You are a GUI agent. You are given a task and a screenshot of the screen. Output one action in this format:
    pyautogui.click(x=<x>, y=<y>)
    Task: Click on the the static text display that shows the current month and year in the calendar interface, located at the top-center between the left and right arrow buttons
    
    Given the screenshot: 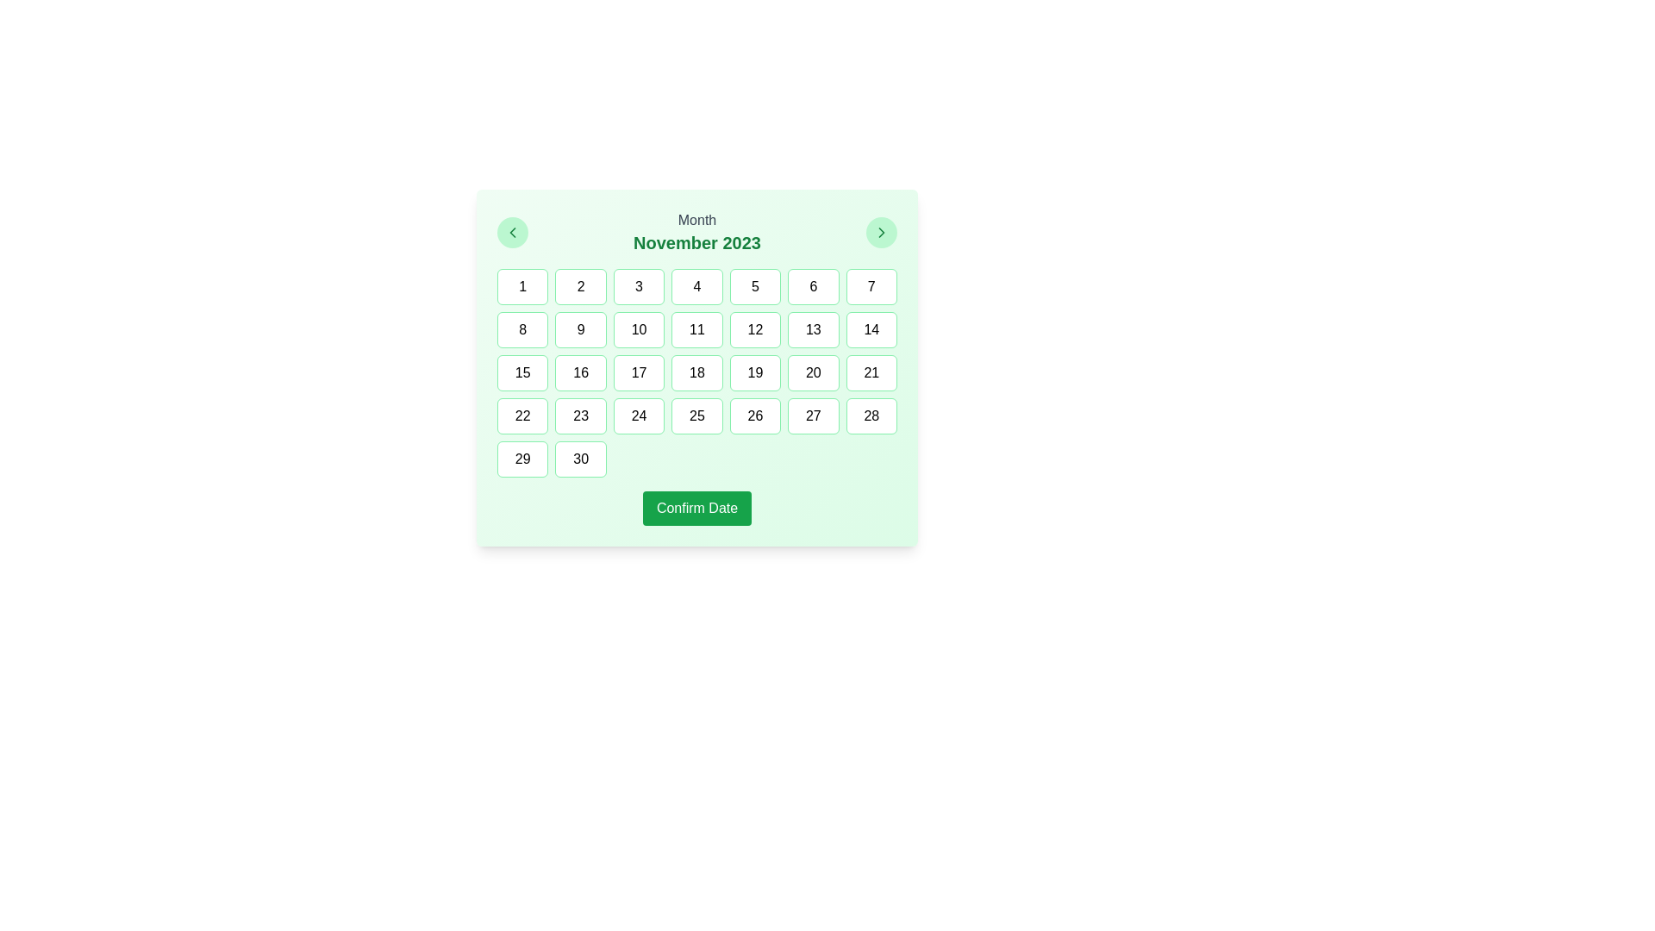 What is the action you would take?
    pyautogui.click(x=697, y=233)
    